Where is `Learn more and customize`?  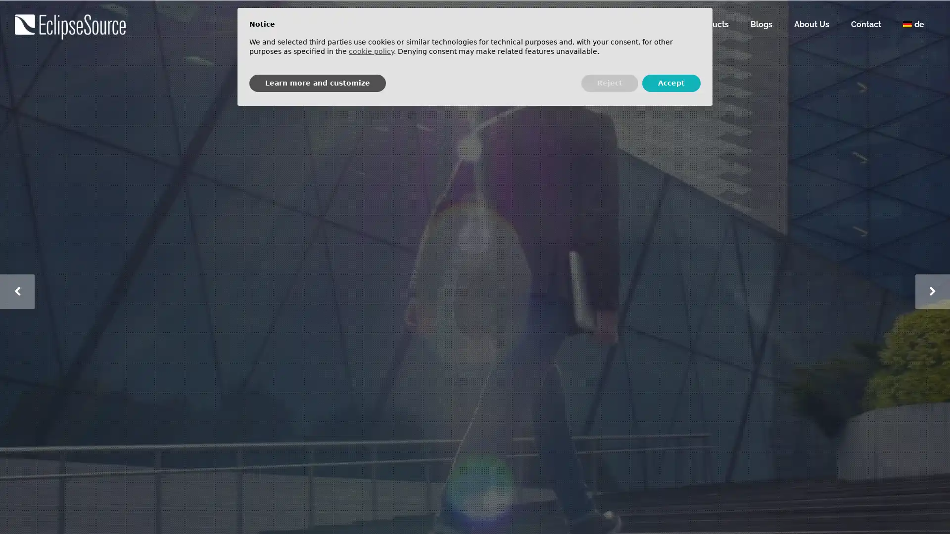 Learn more and customize is located at coordinates (318, 83).